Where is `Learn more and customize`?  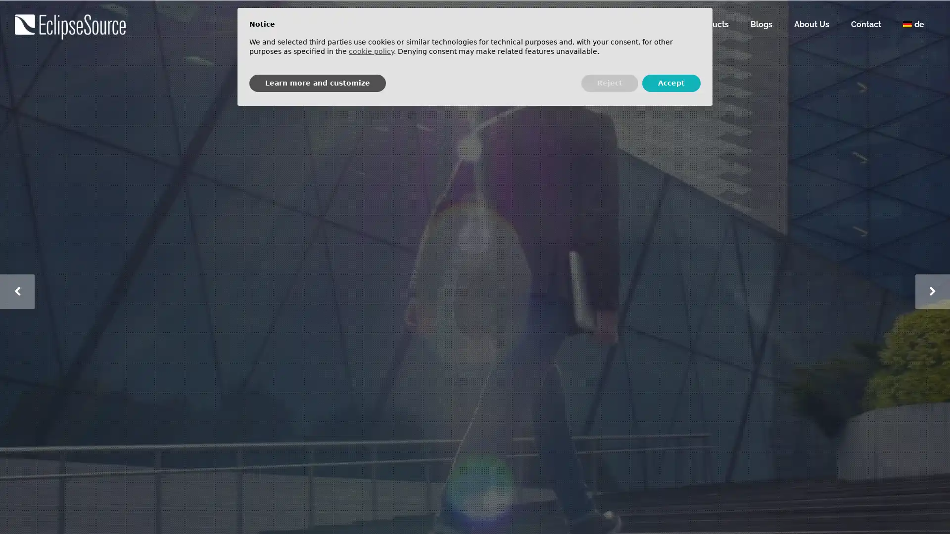 Learn more and customize is located at coordinates (318, 83).